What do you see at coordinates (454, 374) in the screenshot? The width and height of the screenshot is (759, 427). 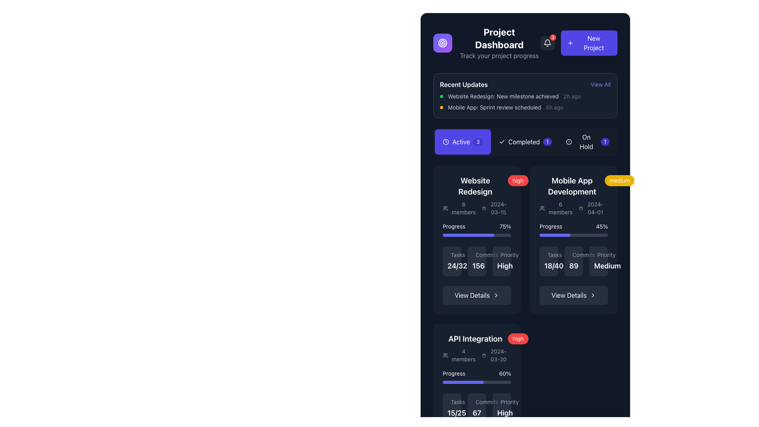 I see `the 'Progress' text label, which is displayed in white text on a dark background and positioned above the progress bar in the API Integration section` at bounding box center [454, 374].